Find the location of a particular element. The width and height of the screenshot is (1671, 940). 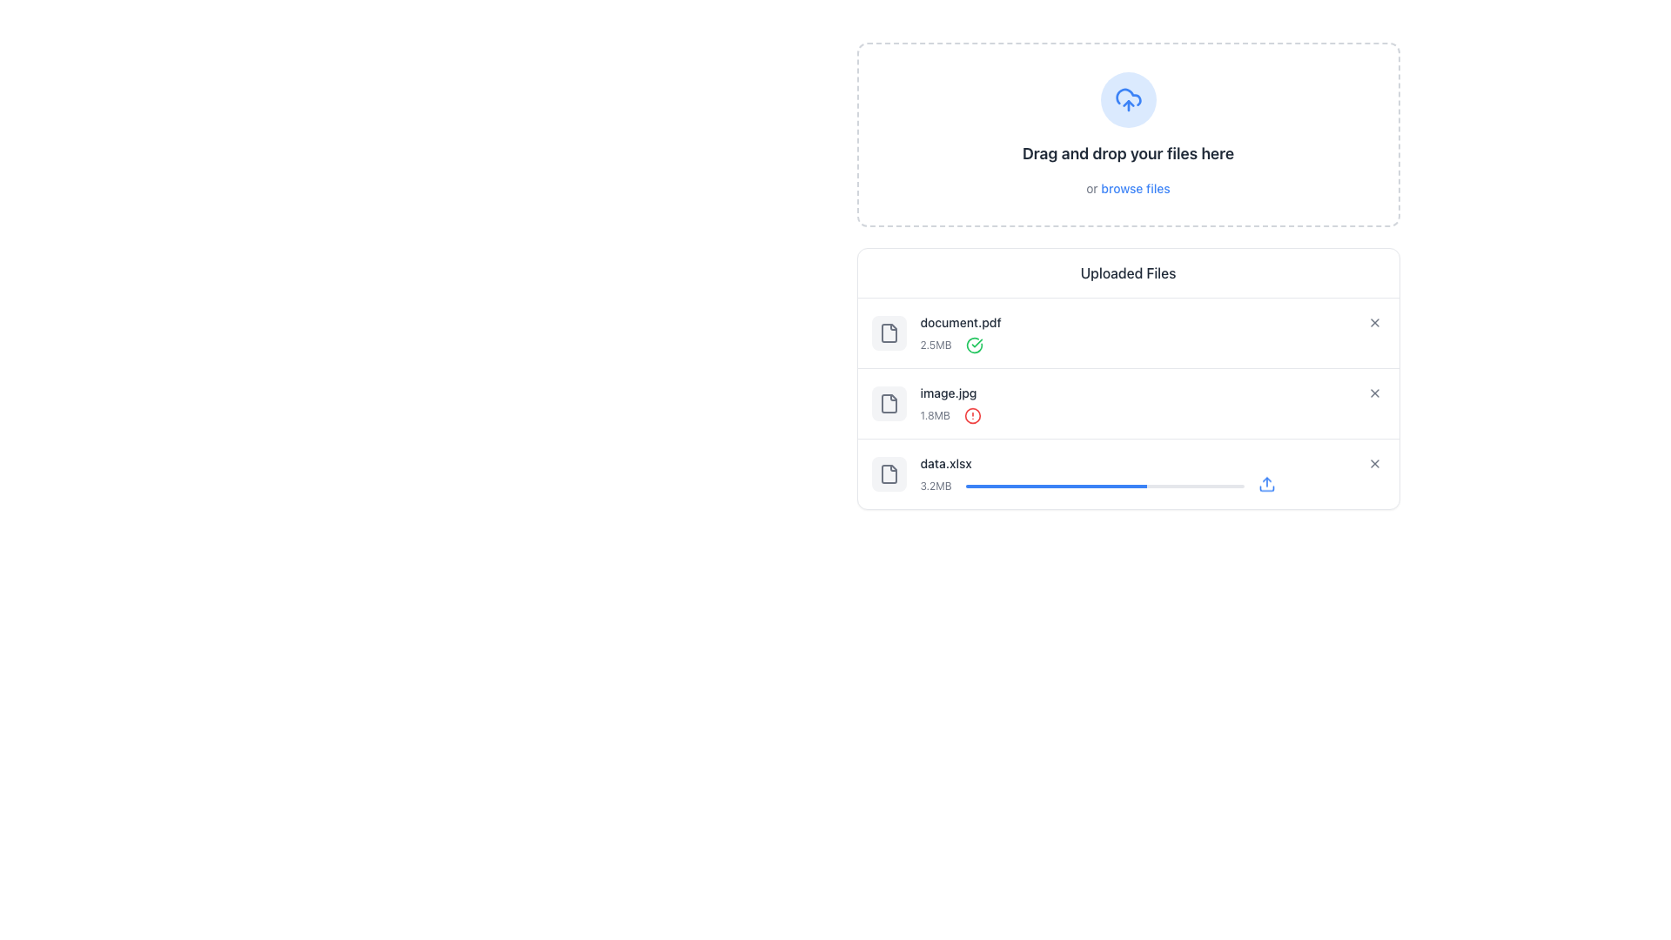

the progress bar of the uploaded file item labeled 'data.xlsx' to interact with it is located at coordinates (1152, 473).